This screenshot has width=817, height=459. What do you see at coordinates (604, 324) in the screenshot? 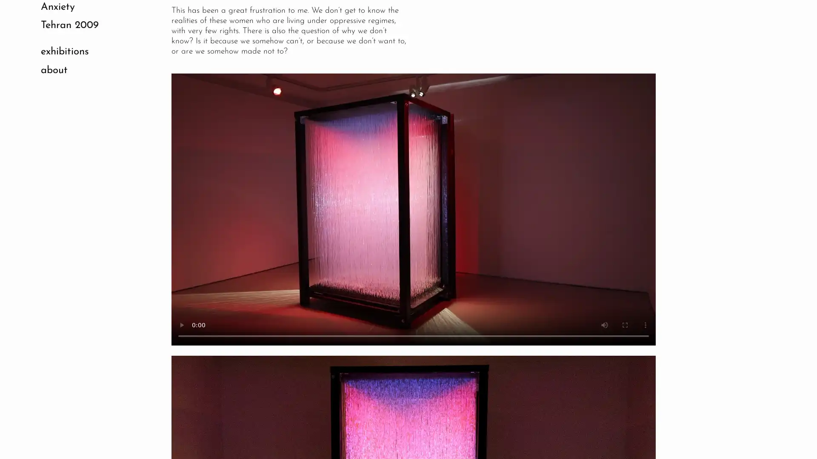
I see `mute` at bounding box center [604, 324].